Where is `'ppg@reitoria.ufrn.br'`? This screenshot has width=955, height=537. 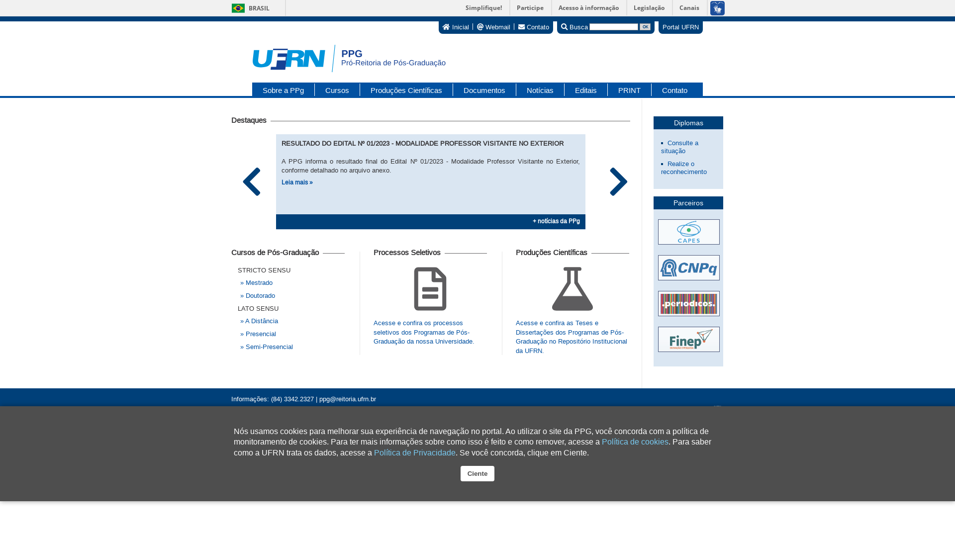 'ppg@reitoria.ufrn.br' is located at coordinates (348, 398).